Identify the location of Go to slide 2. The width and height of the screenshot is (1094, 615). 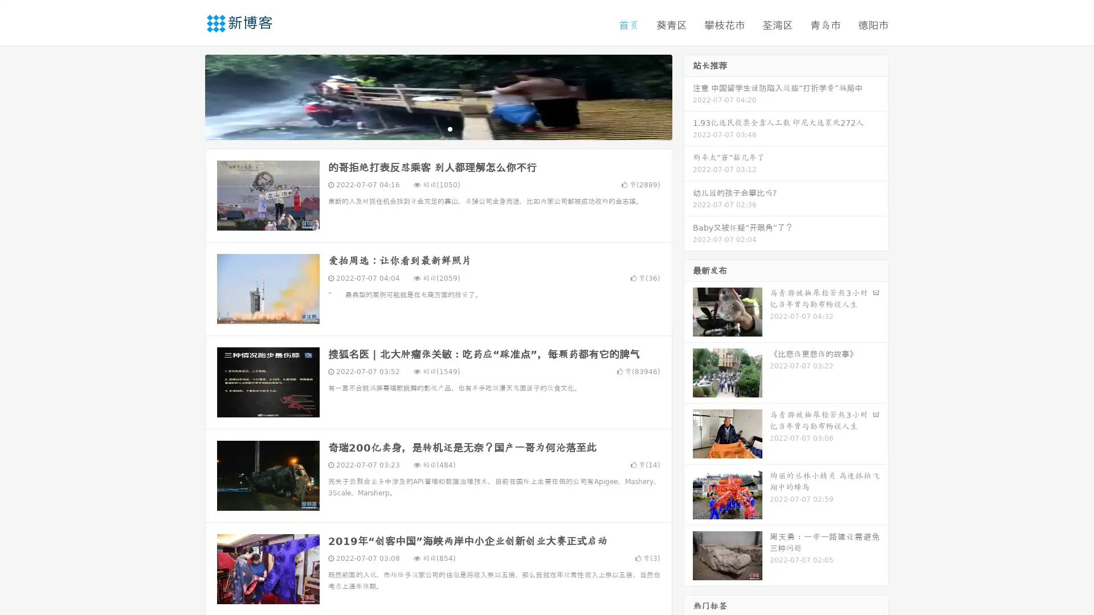
(438, 128).